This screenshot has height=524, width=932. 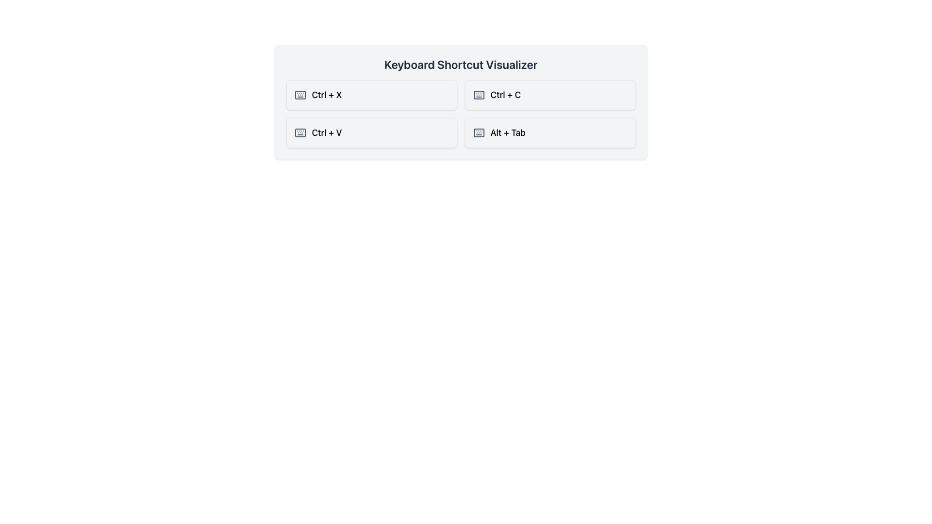 I want to click on the button labeled 'Alt + Tab' which is styled with rounded corners and a shadow, located in the bottom-right section of the grid layout, so click(x=550, y=132).